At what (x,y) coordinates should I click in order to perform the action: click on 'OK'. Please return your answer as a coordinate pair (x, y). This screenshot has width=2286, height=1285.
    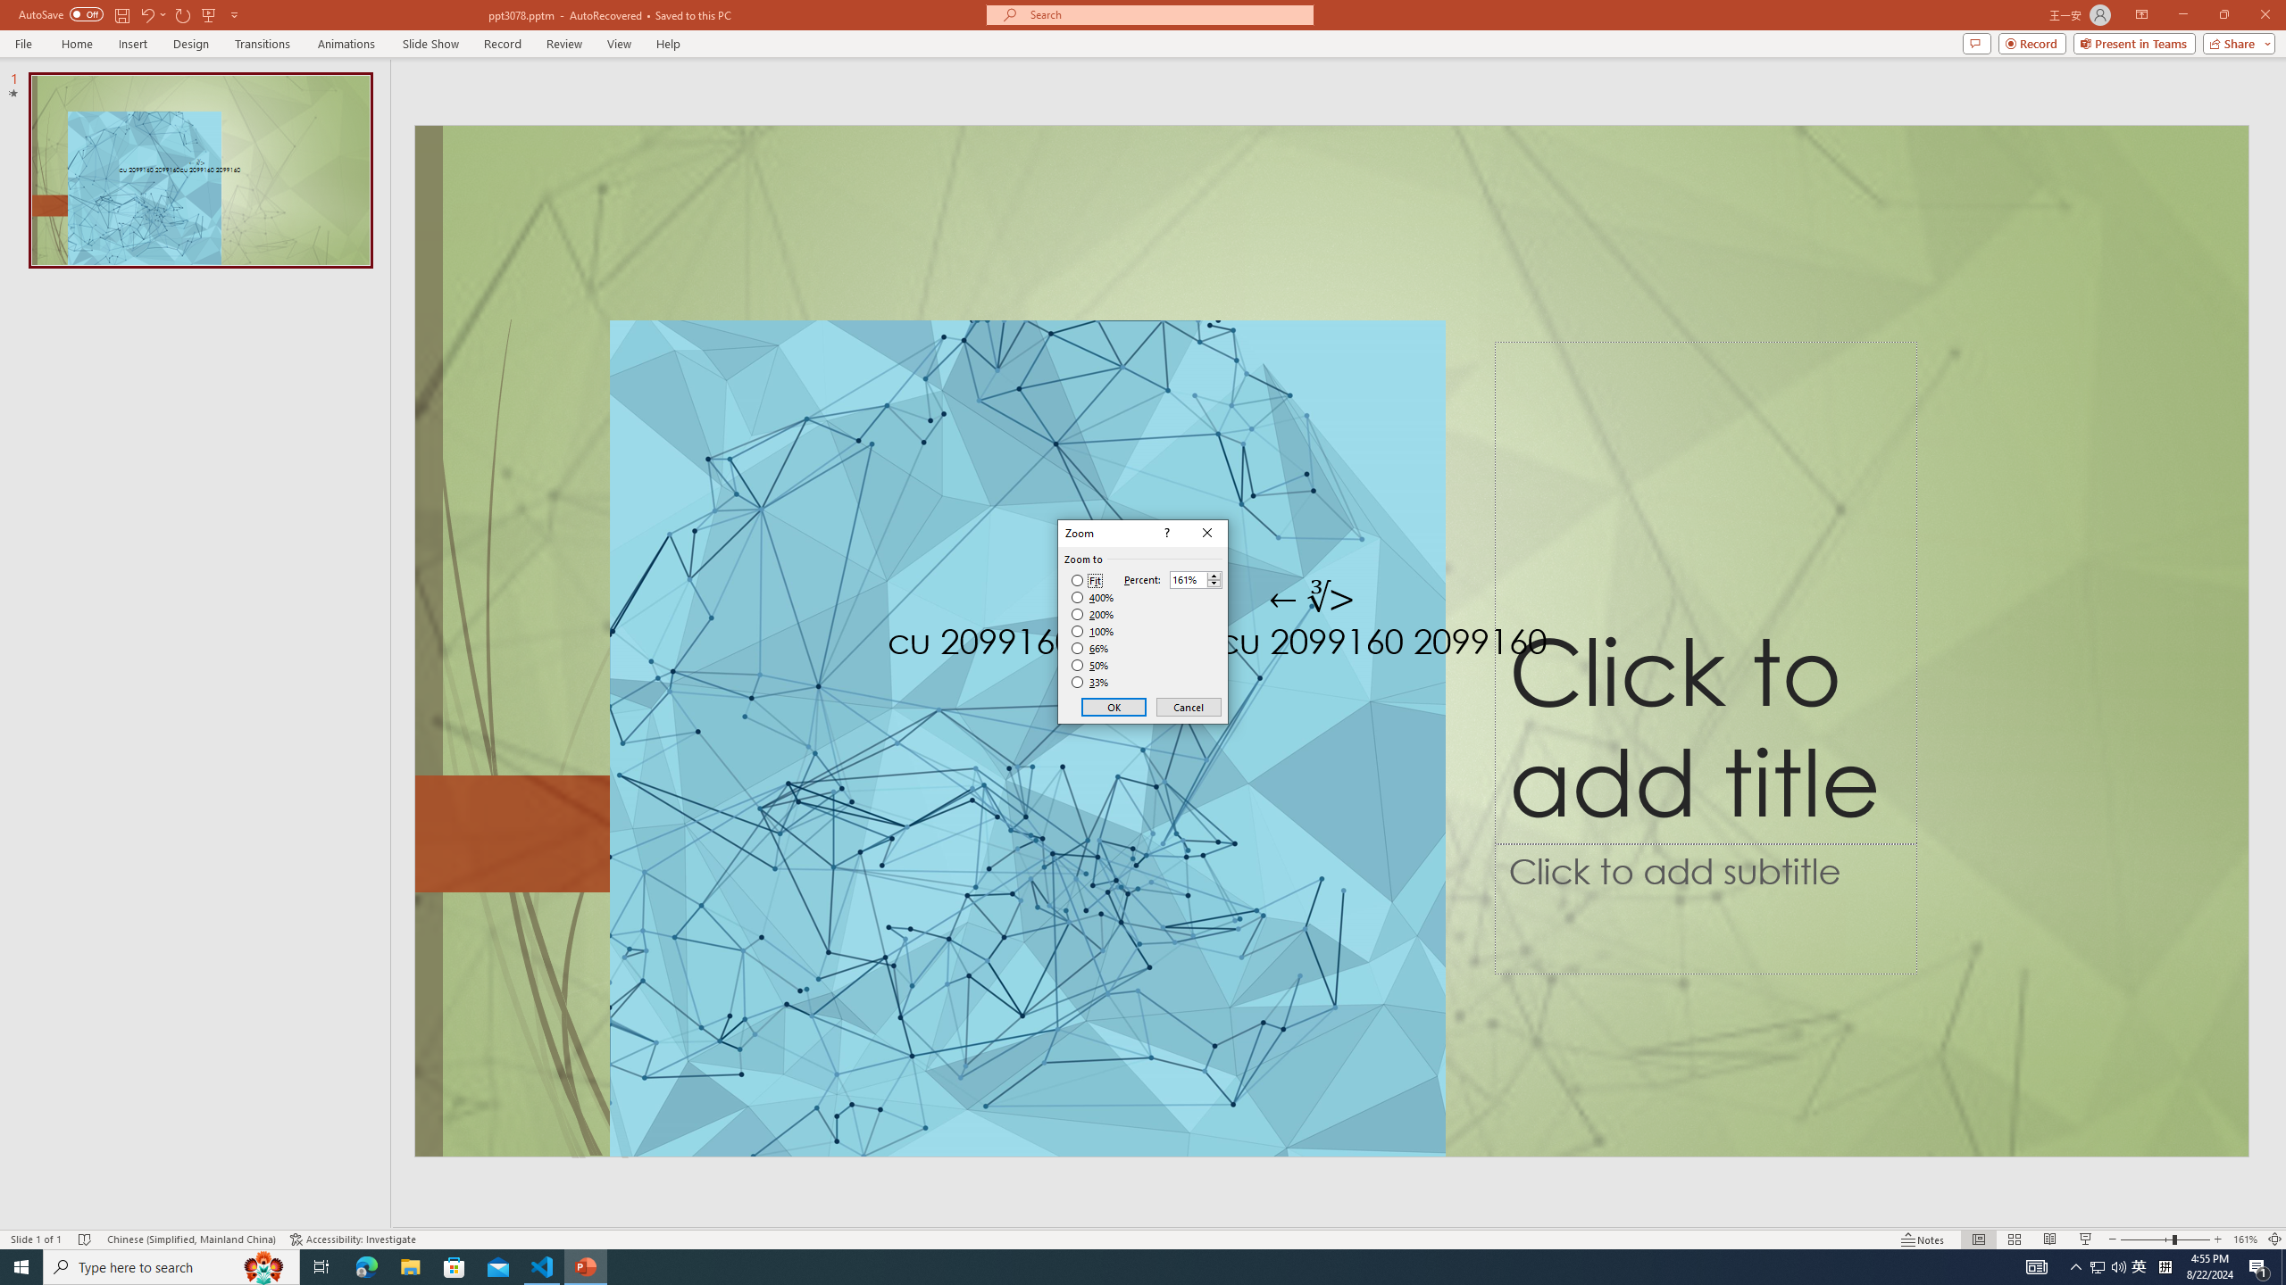
    Looking at the image, I should click on (1114, 707).